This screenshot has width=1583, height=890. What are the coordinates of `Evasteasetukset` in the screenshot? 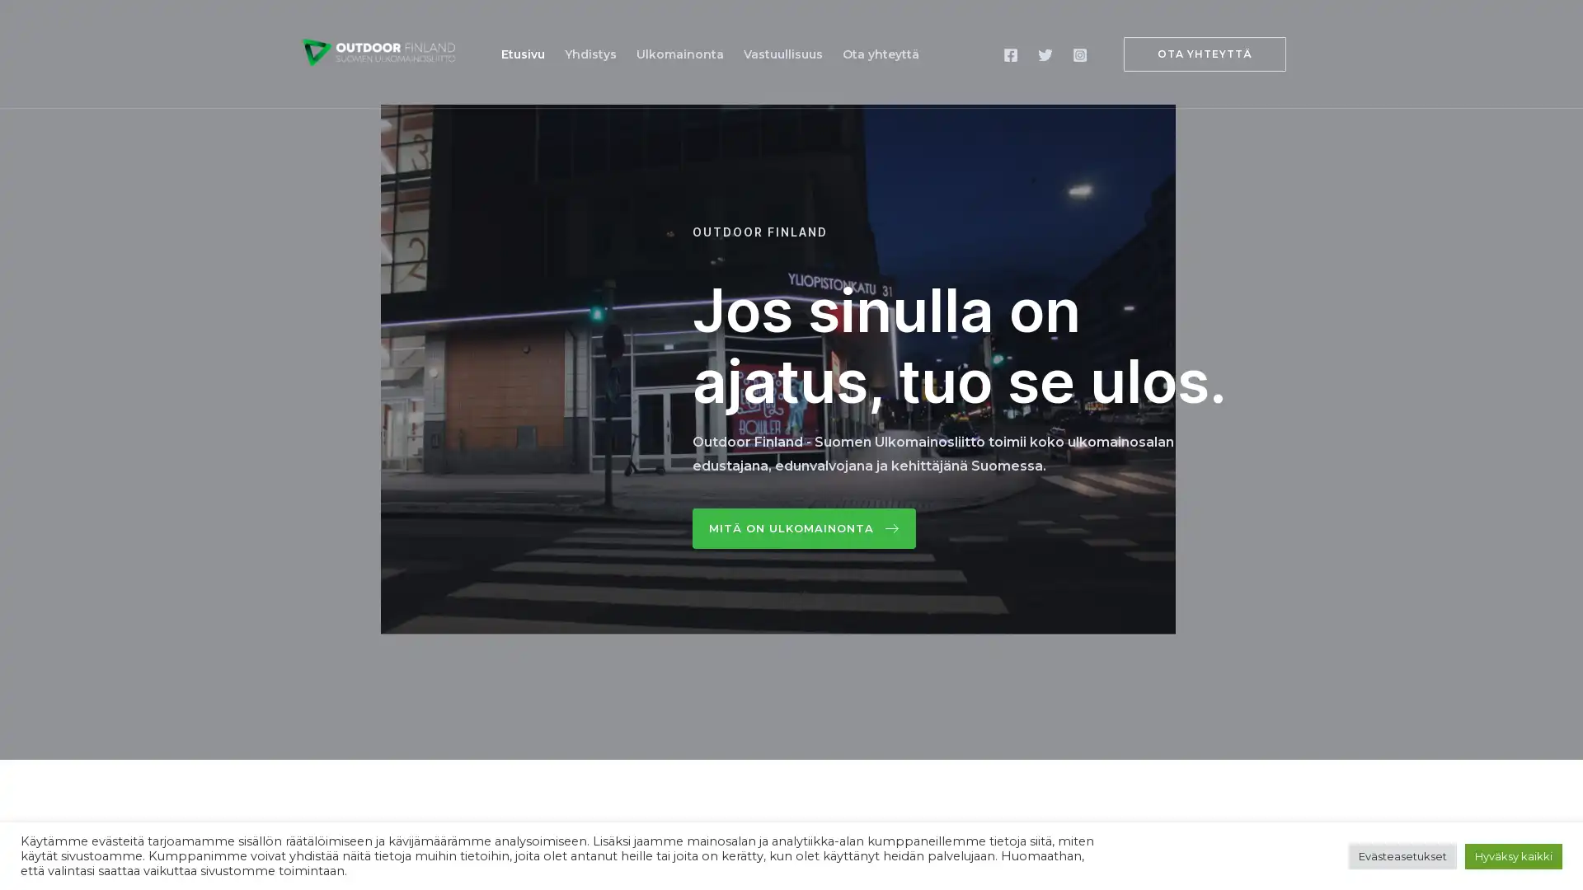 It's located at (1402, 855).